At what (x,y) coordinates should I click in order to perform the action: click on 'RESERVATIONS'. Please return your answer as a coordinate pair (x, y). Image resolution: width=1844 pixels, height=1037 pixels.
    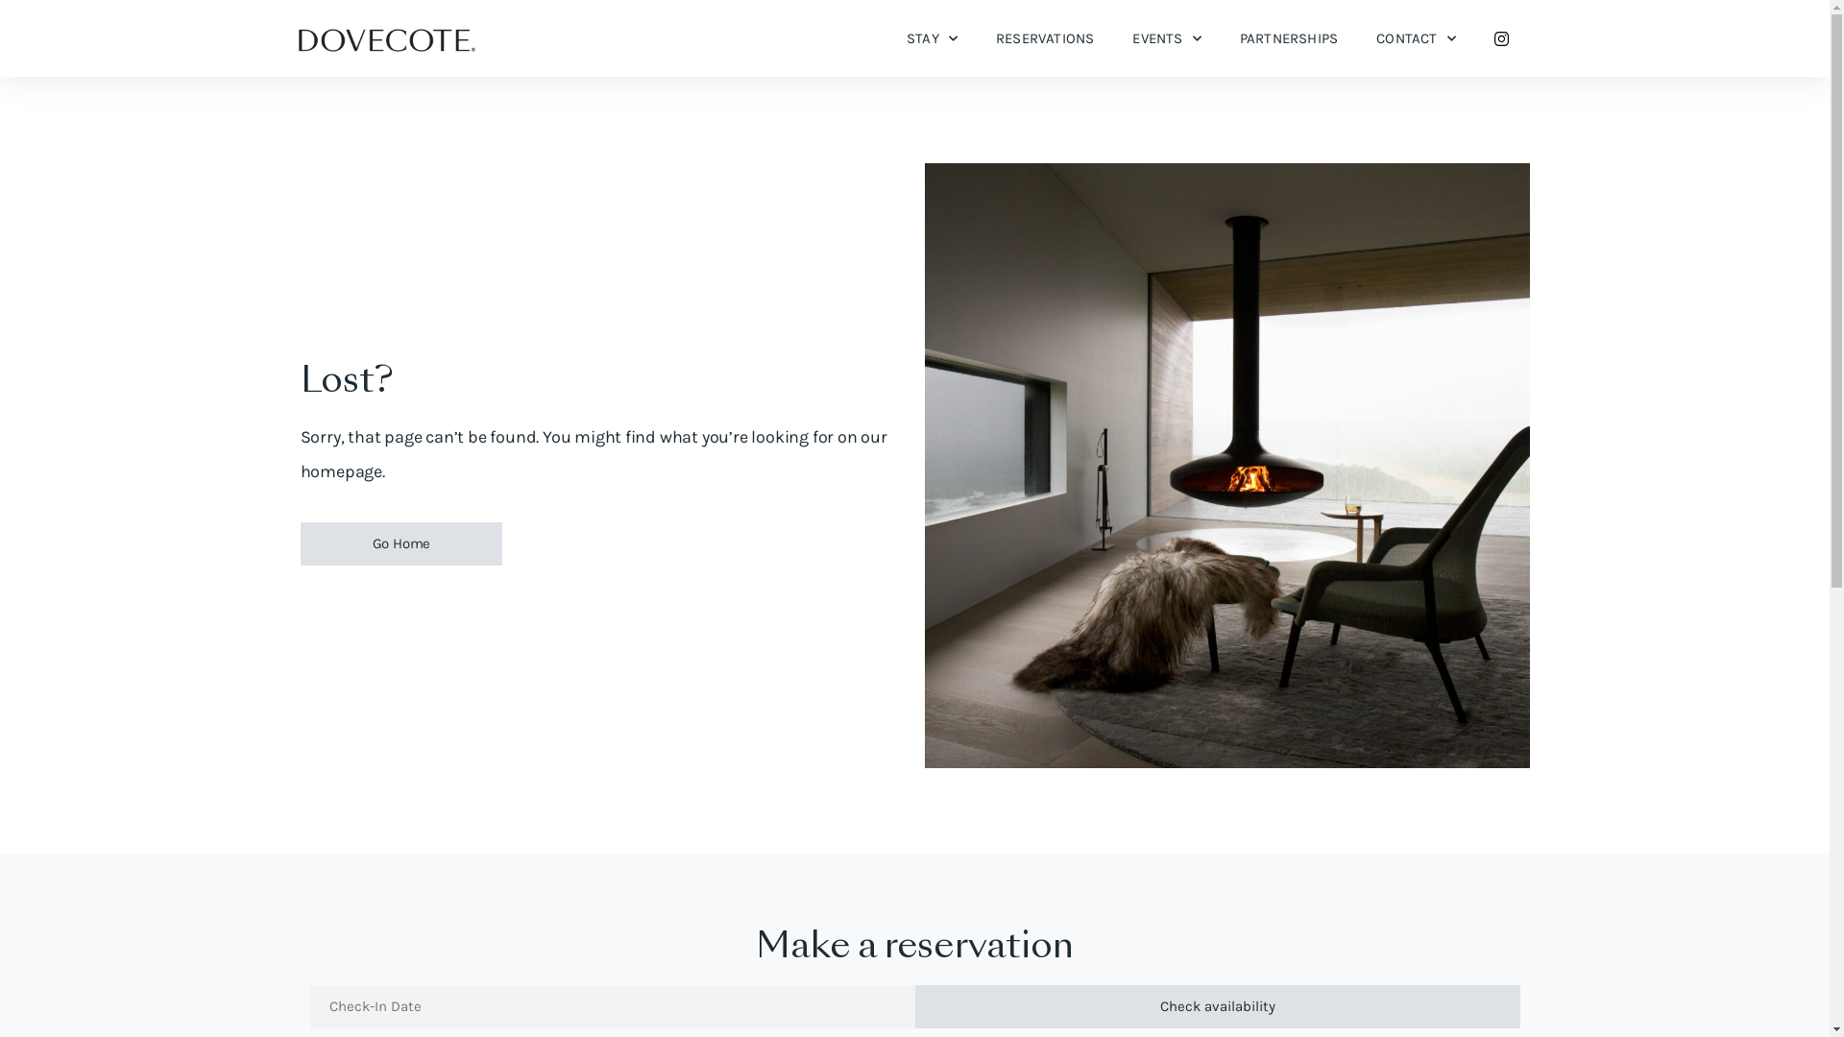
    Looking at the image, I should click on (977, 37).